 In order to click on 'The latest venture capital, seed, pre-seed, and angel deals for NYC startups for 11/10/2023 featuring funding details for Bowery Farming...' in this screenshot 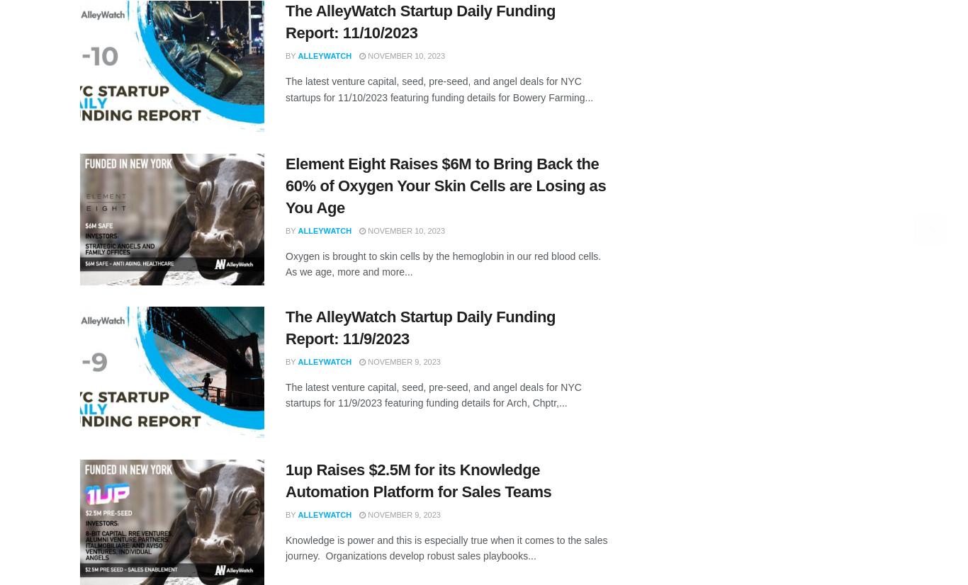, I will do `click(439, 89)`.